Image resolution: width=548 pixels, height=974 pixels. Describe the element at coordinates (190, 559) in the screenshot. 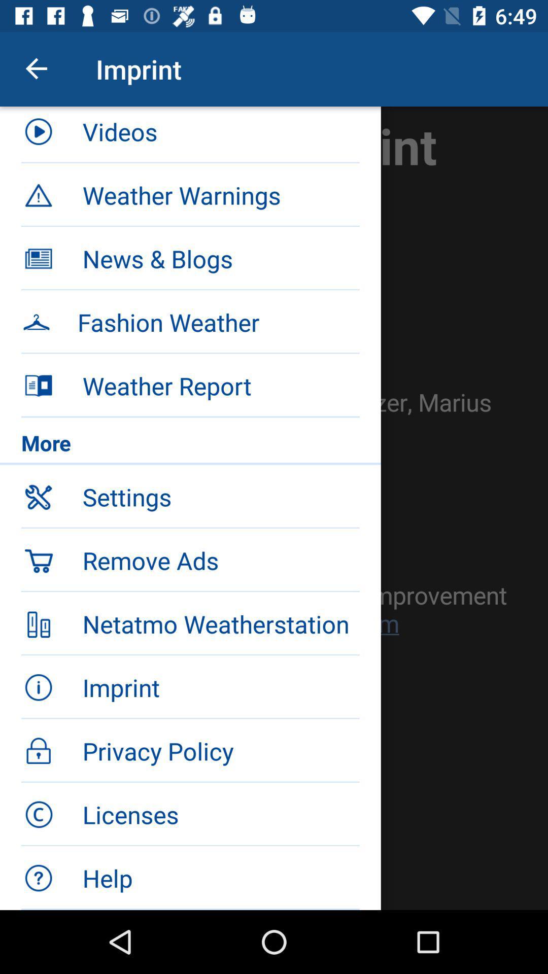

I see `the icon below the settings icon` at that location.